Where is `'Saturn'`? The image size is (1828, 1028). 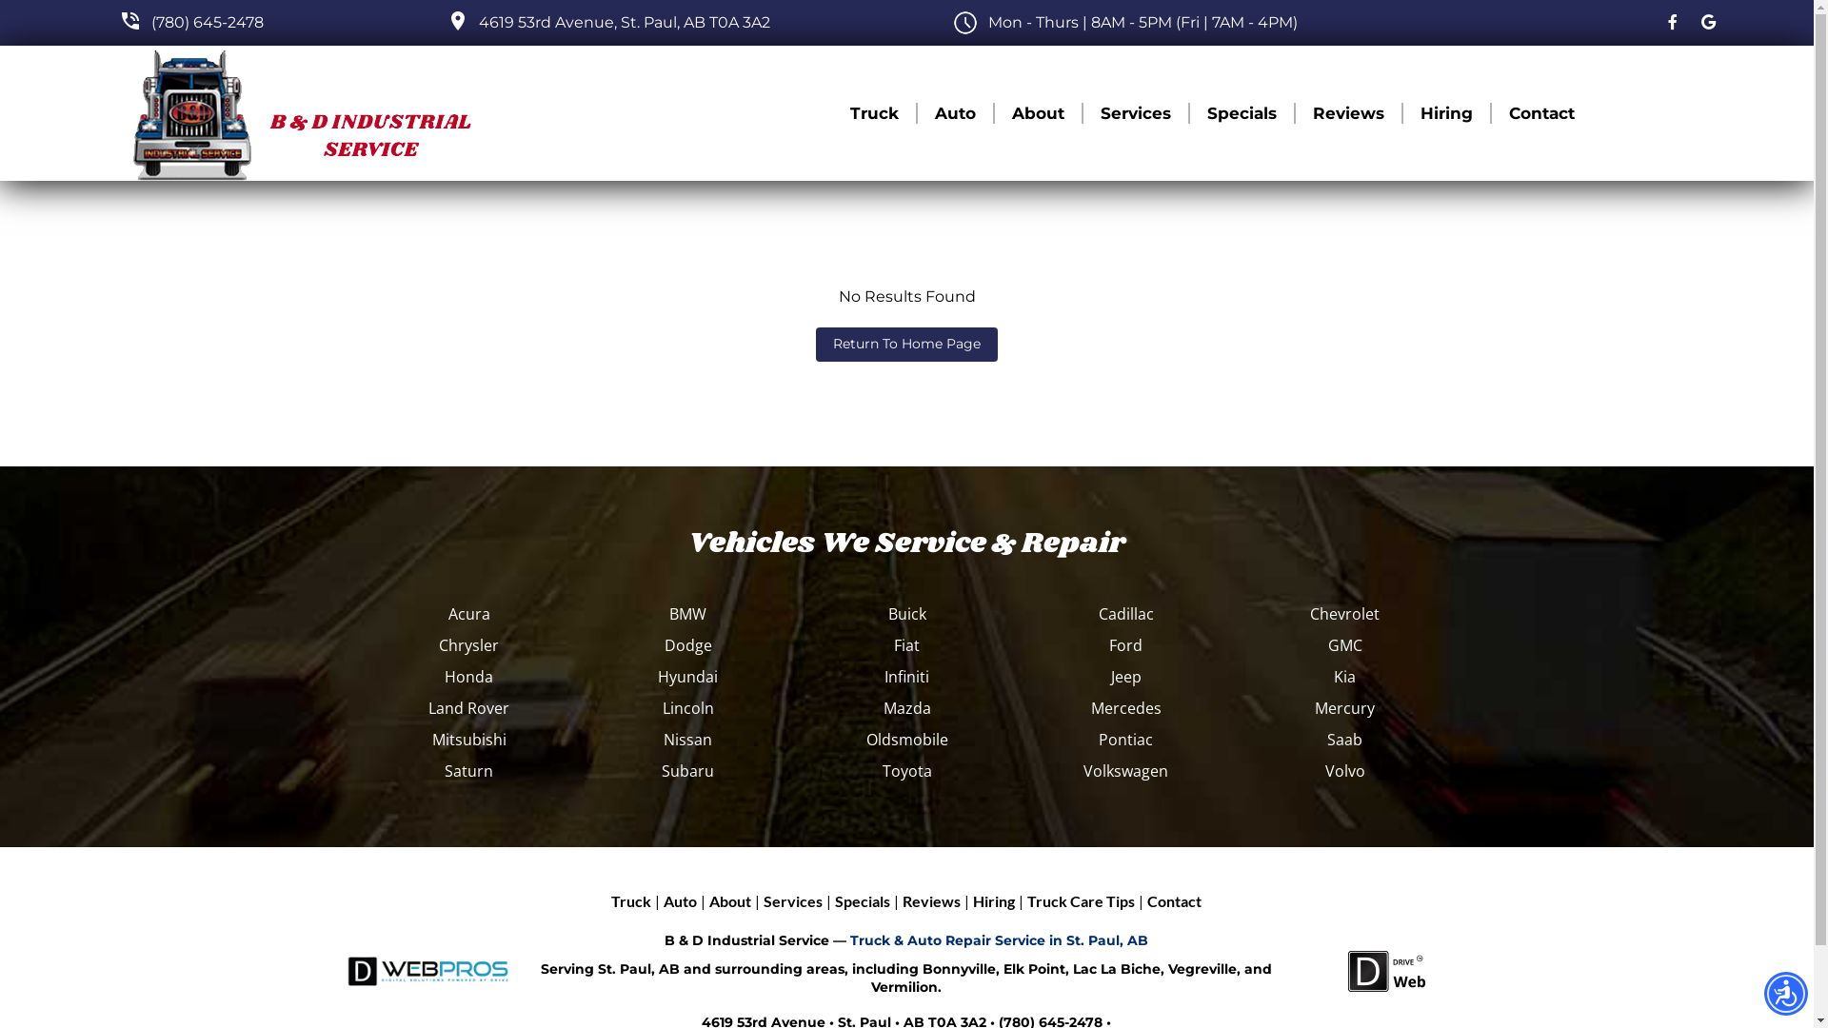
'Saturn' is located at coordinates (469, 771).